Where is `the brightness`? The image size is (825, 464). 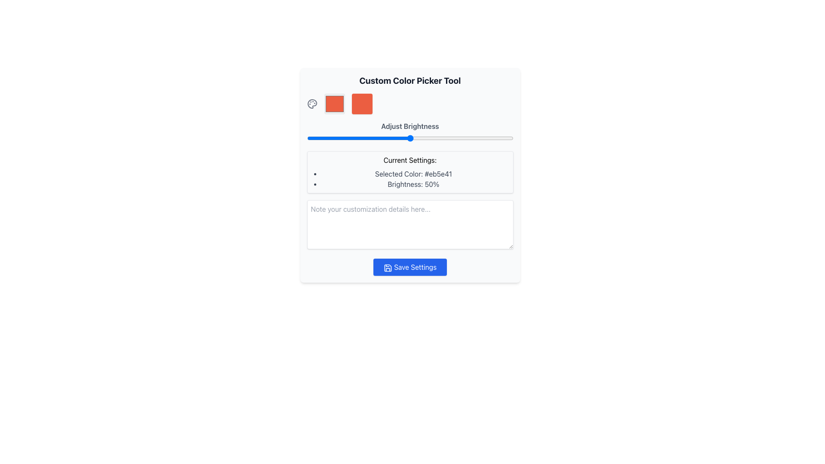
the brightness is located at coordinates (395, 137).